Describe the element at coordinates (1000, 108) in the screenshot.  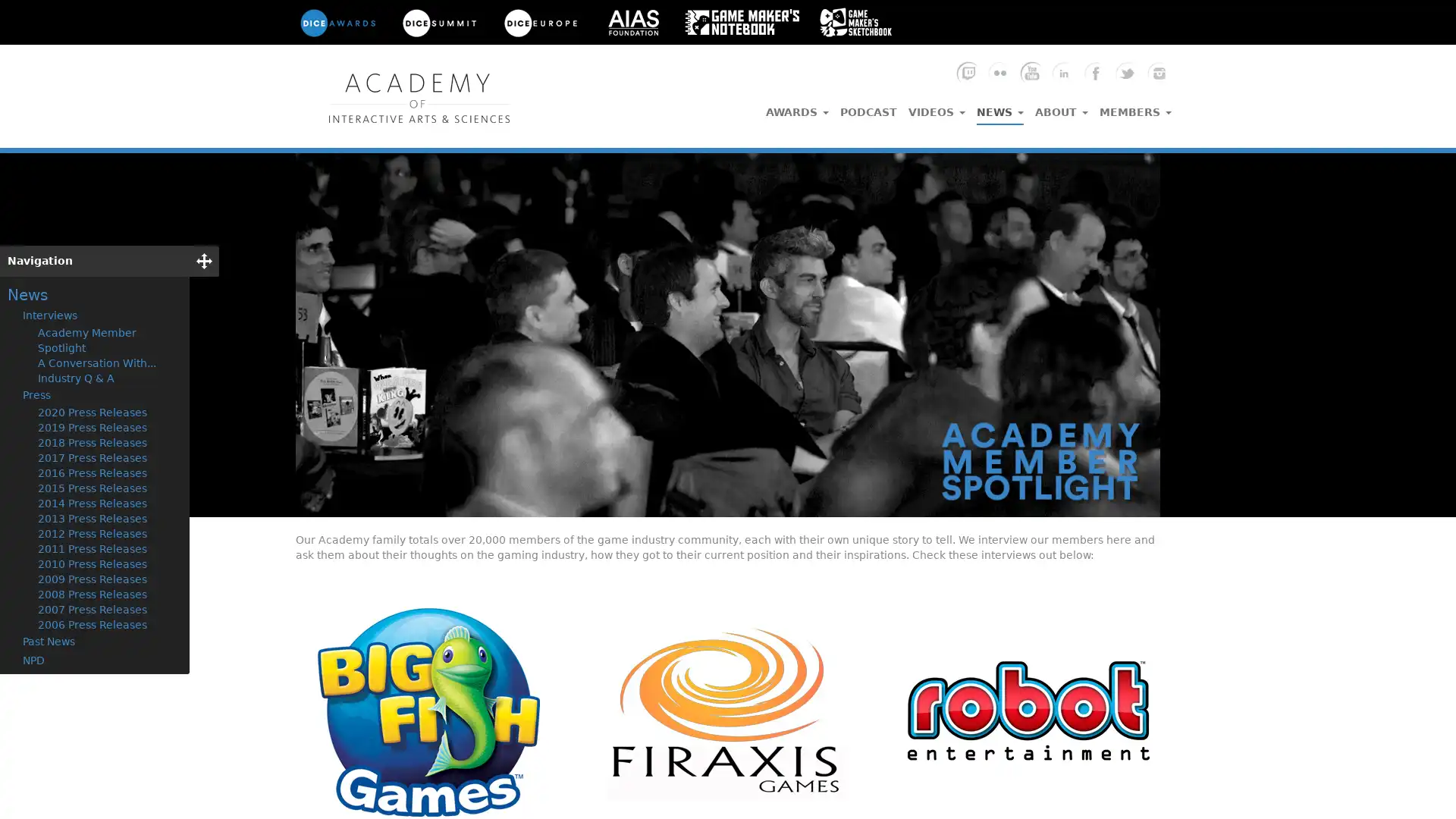
I see `NEWS` at that location.